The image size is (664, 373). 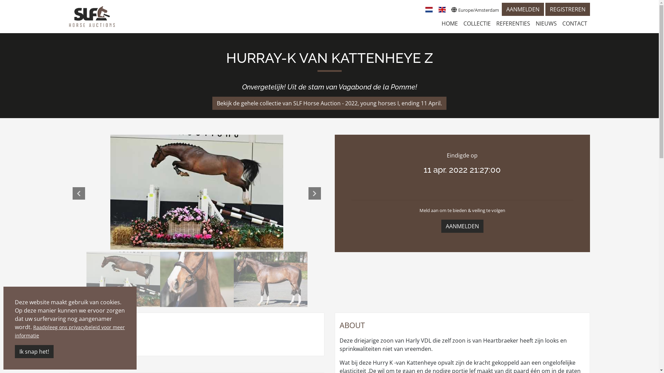 I want to click on 'CONTACT', so click(x=574, y=23).